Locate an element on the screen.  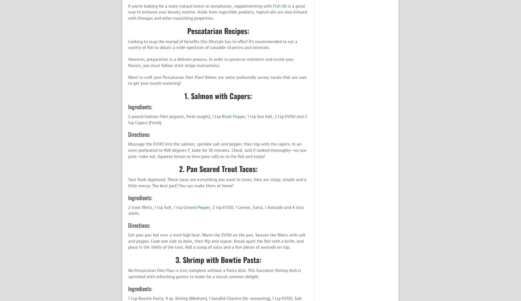
'Ground Pepper' is located at coordinates (197, 207).